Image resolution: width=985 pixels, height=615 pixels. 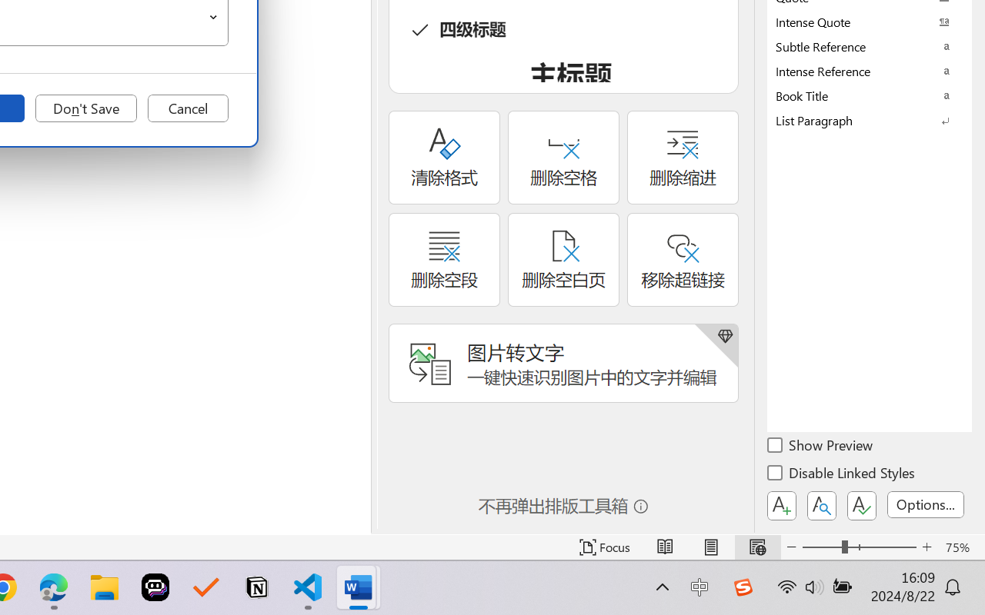 What do you see at coordinates (820, 447) in the screenshot?
I see `'Show Preview'` at bounding box center [820, 447].